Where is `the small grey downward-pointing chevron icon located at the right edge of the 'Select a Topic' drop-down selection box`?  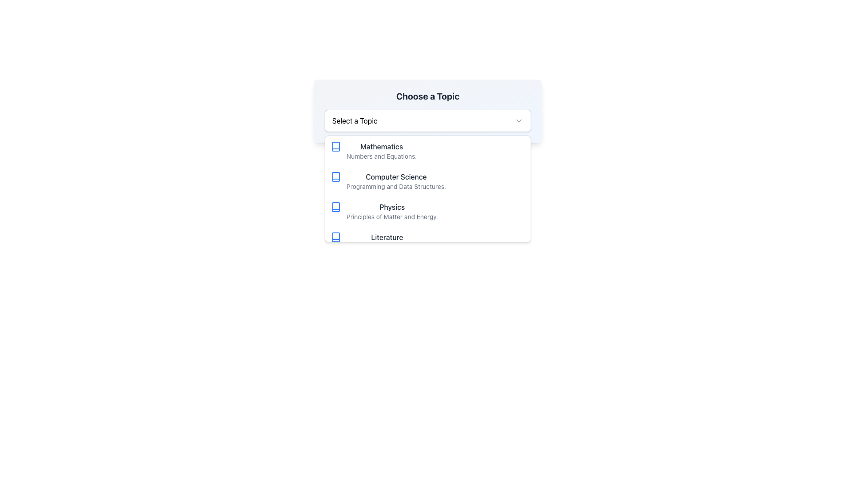 the small grey downward-pointing chevron icon located at the right edge of the 'Select a Topic' drop-down selection box is located at coordinates (519, 121).